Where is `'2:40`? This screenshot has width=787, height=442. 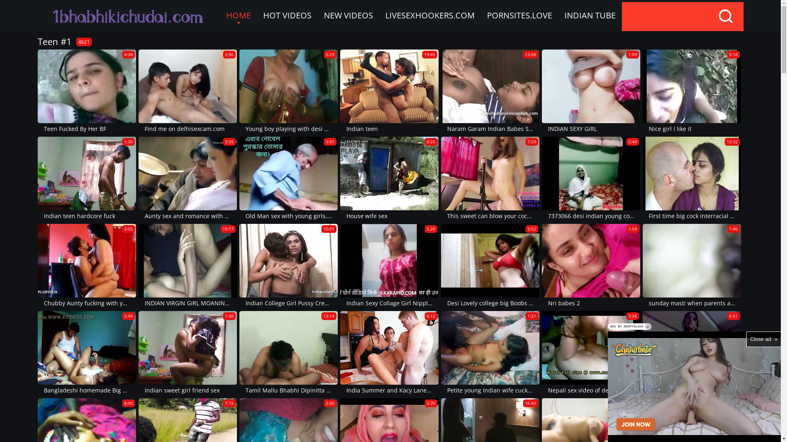
'2:40 is located at coordinates (591, 178).